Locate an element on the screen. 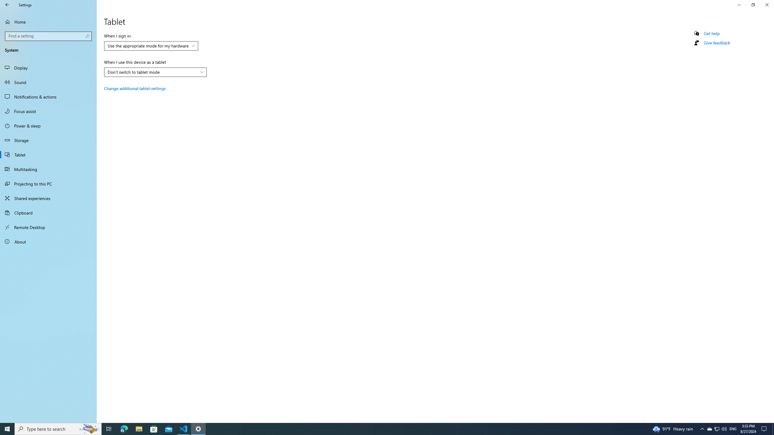 This screenshot has height=435, width=774. 'Shared experiences' is located at coordinates (48, 198).